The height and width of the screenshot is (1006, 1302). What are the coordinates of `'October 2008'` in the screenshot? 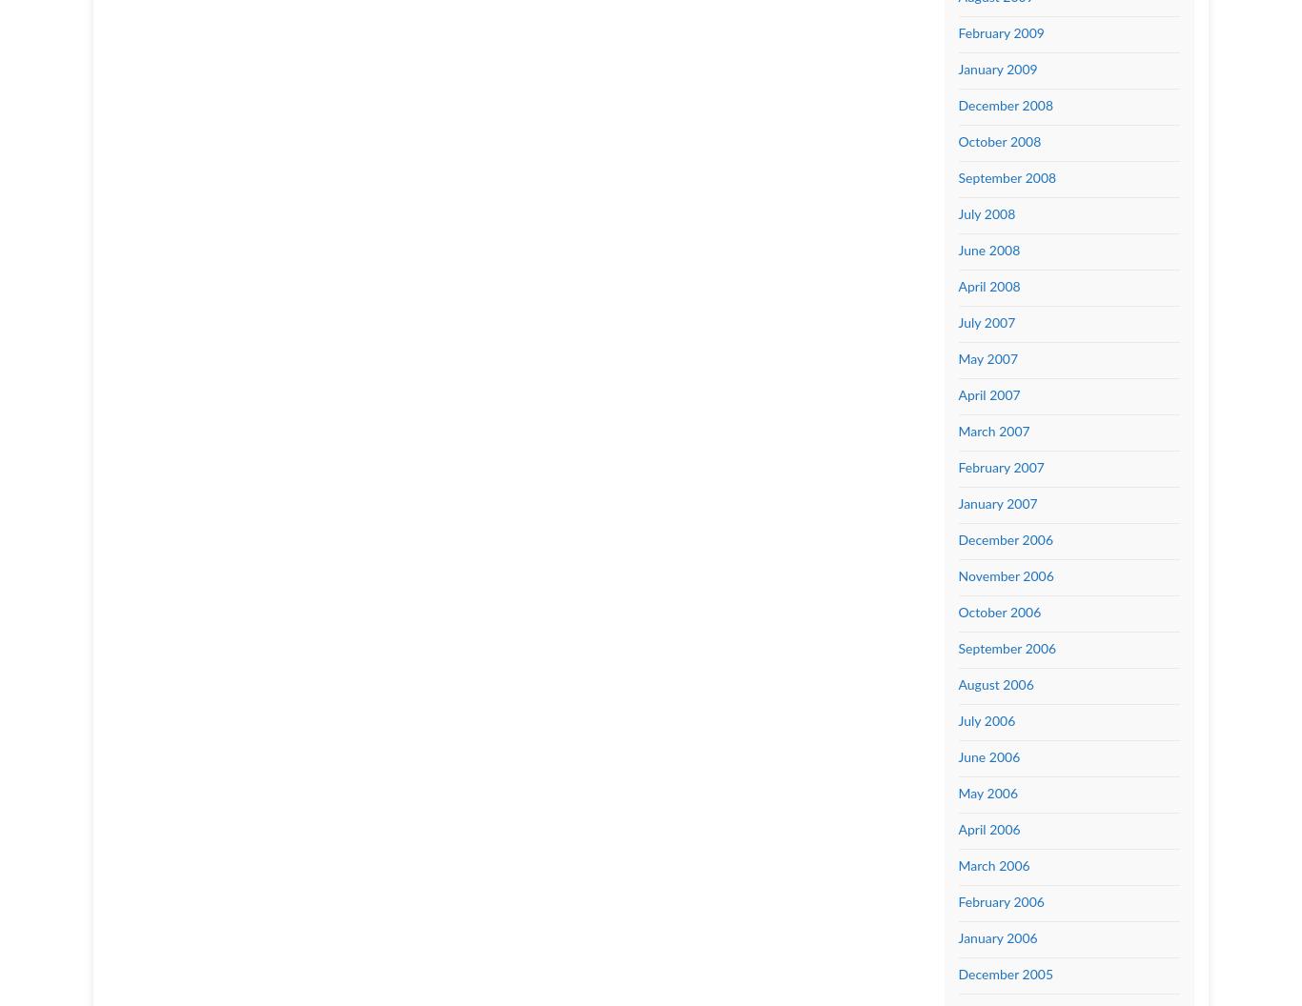 It's located at (998, 142).